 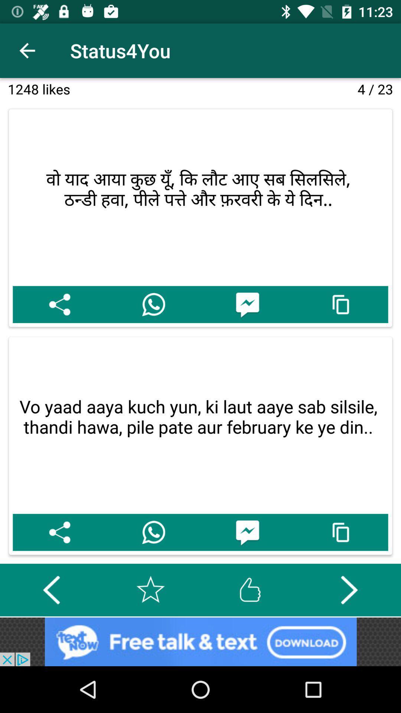 What do you see at coordinates (341, 532) in the screenshot?
I see `minimize selected` at bounding box center [341, 532].